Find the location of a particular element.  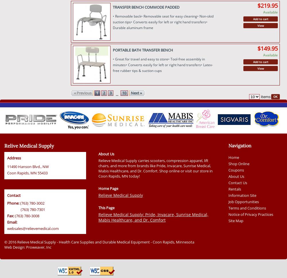

'Contact' is located at coordinates (14, 195).